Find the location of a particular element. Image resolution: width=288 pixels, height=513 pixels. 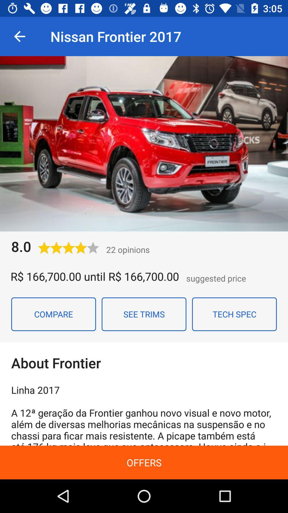

tech spec icon is located at coordinates (234, 314).